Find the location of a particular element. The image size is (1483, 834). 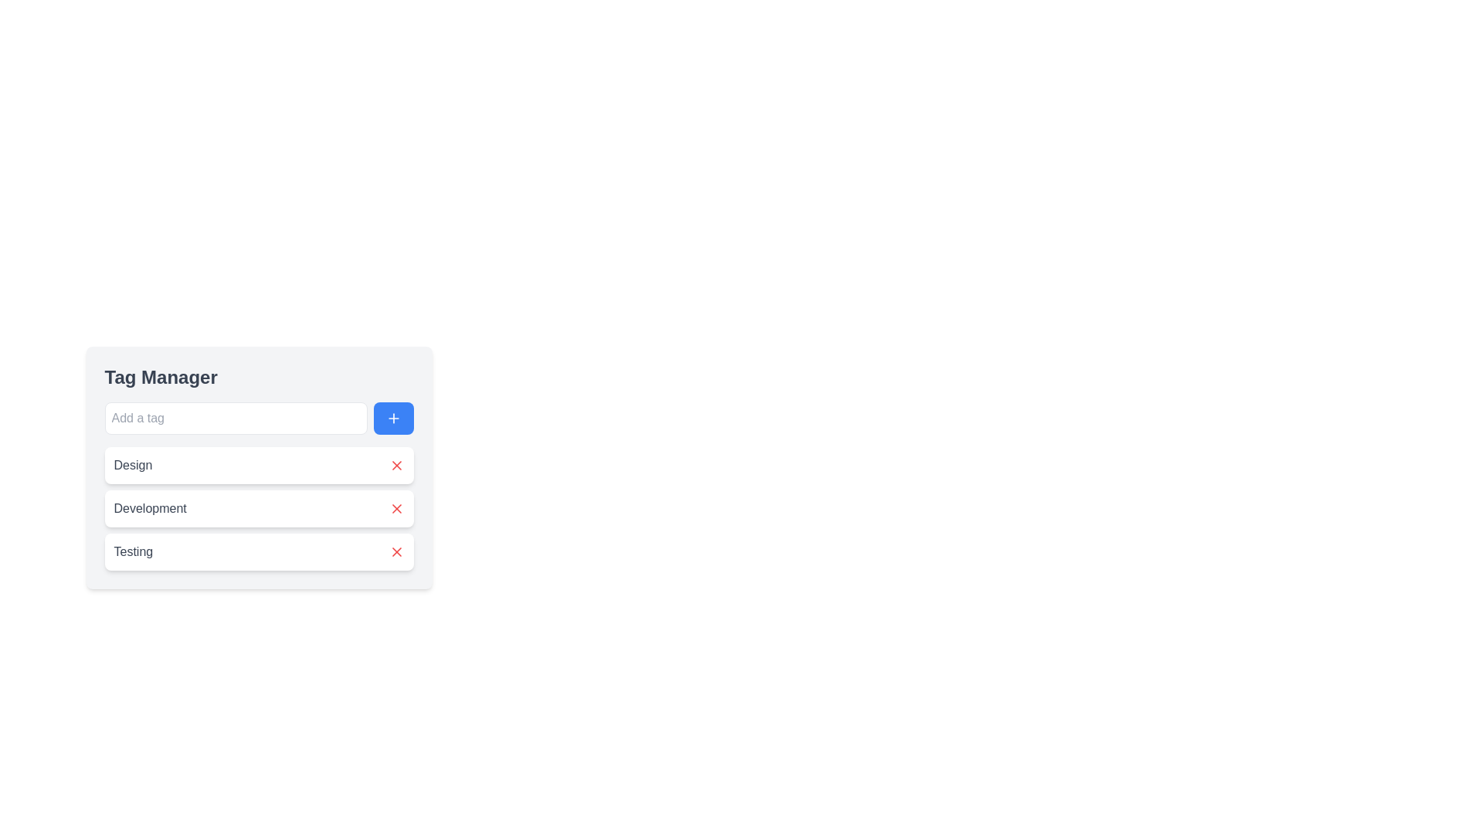

the 'Design' label element, which is a gray text label aligned to the left within the 'Tag Manager' section is located at coordinates (133, 464).